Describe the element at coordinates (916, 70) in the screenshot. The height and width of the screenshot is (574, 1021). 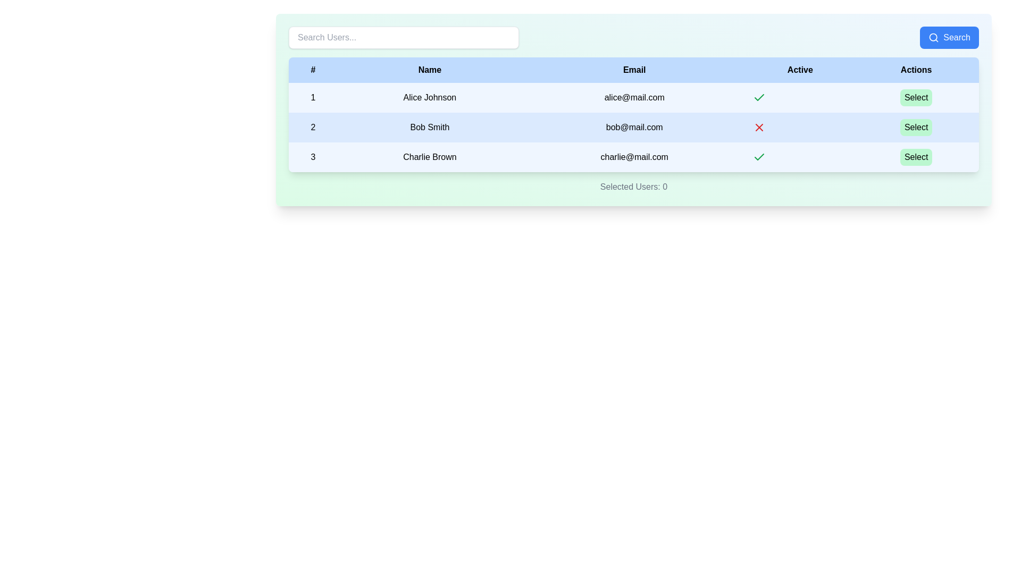
I see `the 'Actions' column header cell in the data table, which is the last column header located at the top of the table` at that location.